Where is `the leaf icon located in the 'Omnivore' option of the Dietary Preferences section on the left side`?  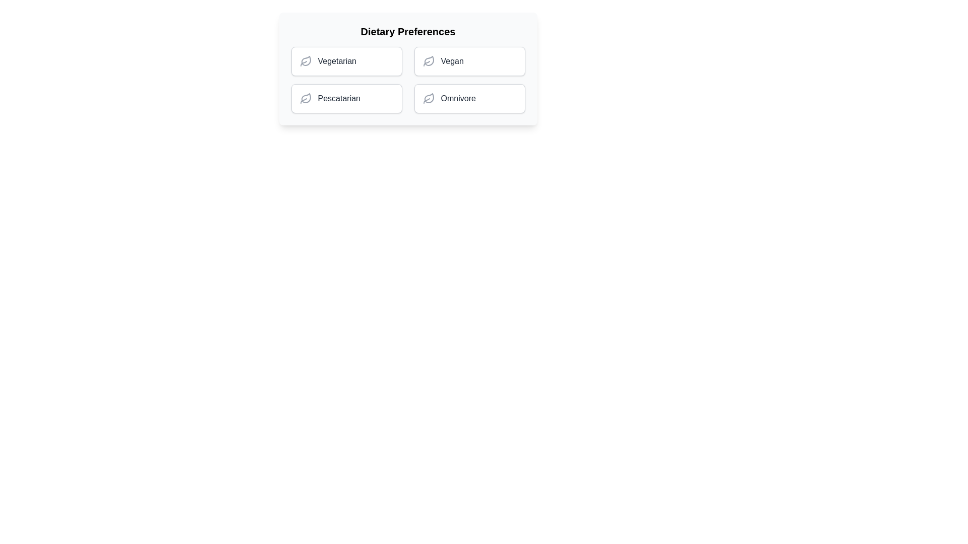 the leaf icon located in the 'Omnivore' option of the Dietary Preferences section on the left side is located at coordinates (429, 99).